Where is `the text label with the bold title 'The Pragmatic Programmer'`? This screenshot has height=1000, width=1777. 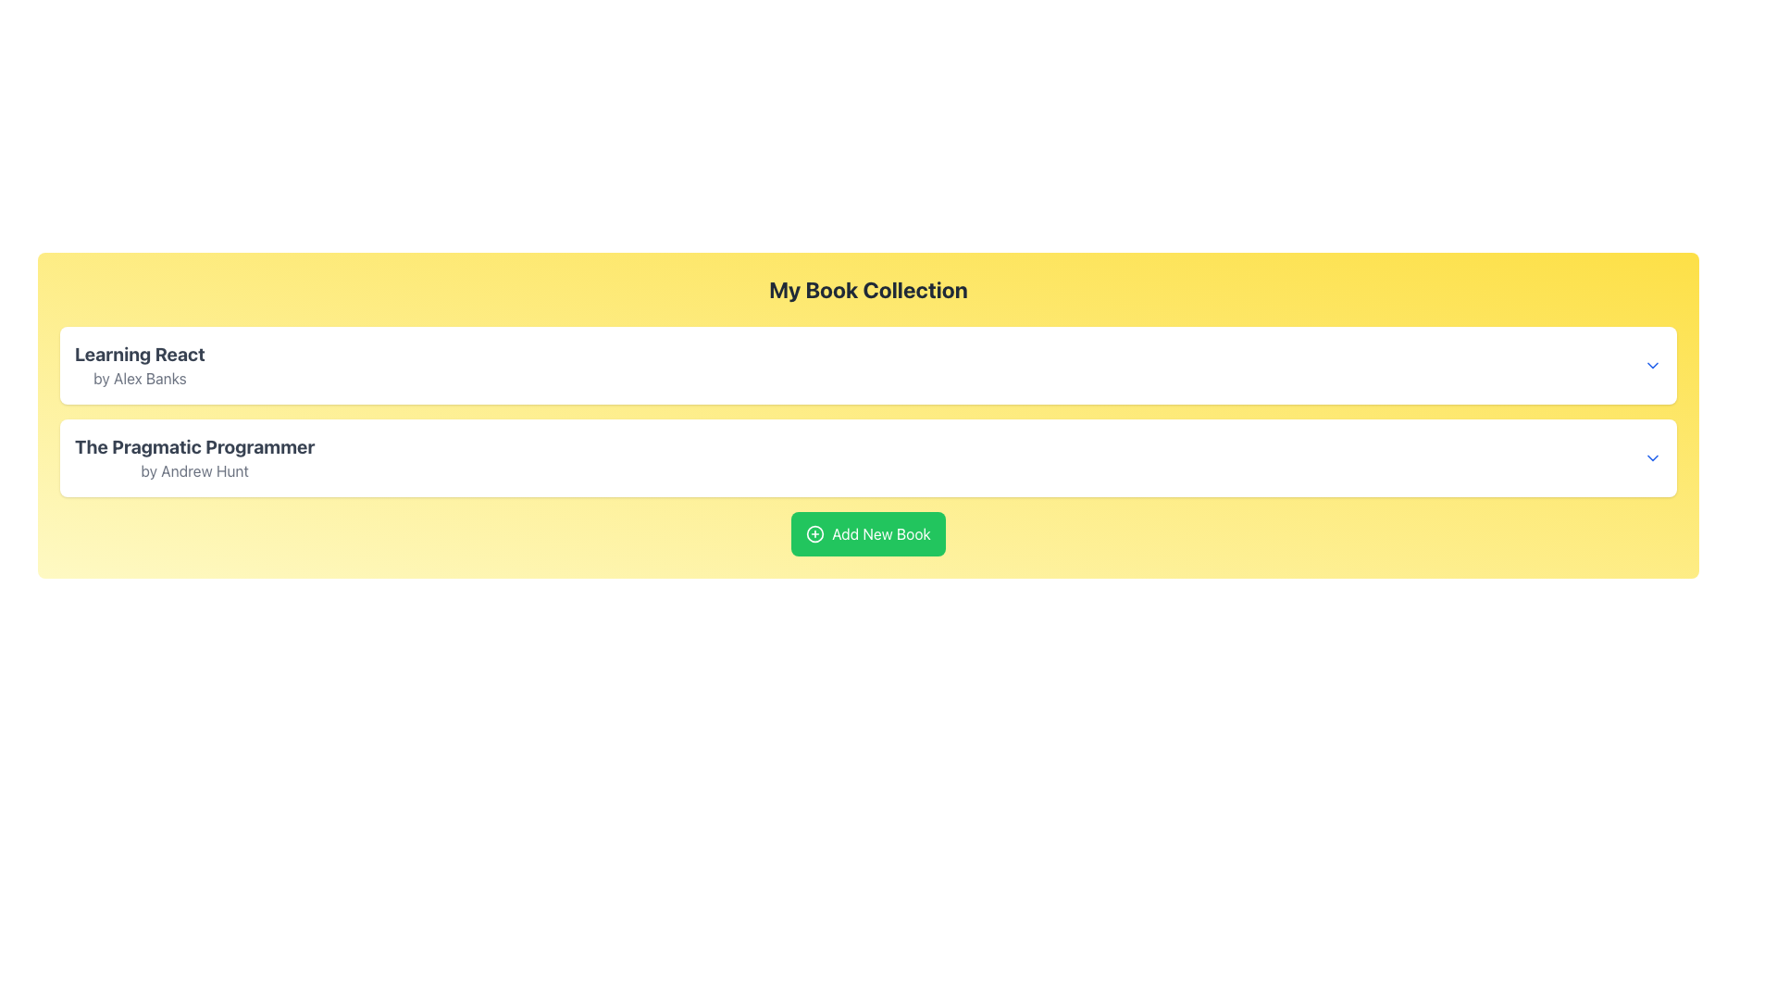 the text label with the bold title 'The Pragmatic Programmer' is located at coordinates (194, 457).